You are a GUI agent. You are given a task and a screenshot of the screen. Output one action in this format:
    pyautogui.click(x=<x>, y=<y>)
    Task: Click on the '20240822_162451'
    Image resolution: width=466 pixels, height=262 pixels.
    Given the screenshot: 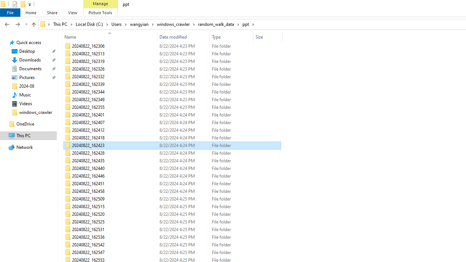 What is the action you would take?
    pyautogui.click(x=171, y=183)
    